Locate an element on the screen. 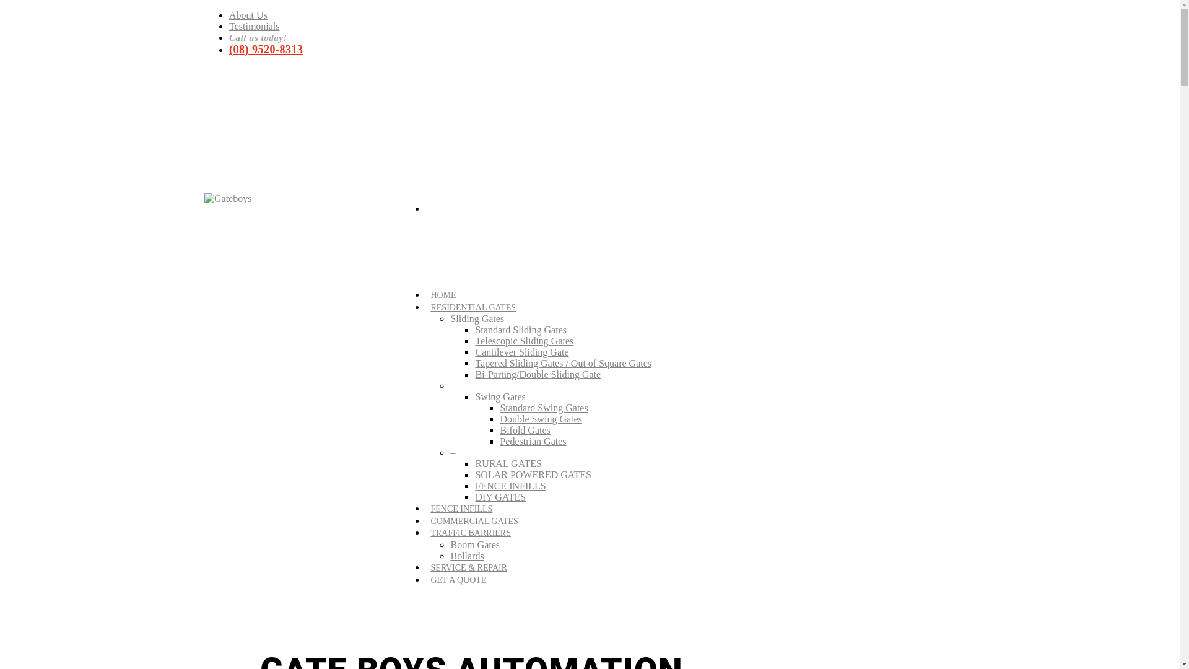  'Standard Swing Gates' is located at coordinates (544, 408).